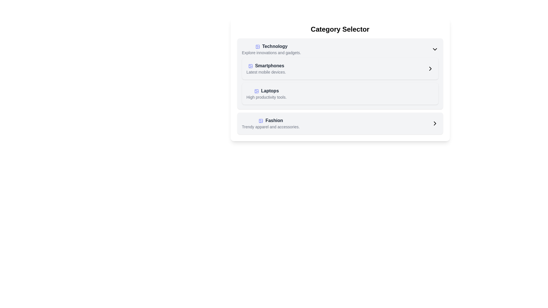 The image size is (548, 308). Describe the element at coordinates (270, 126) in the screenshot. I see `the text label that says 'Trendy apparel and accessories.' located below the 'Fashion' category` at that location.